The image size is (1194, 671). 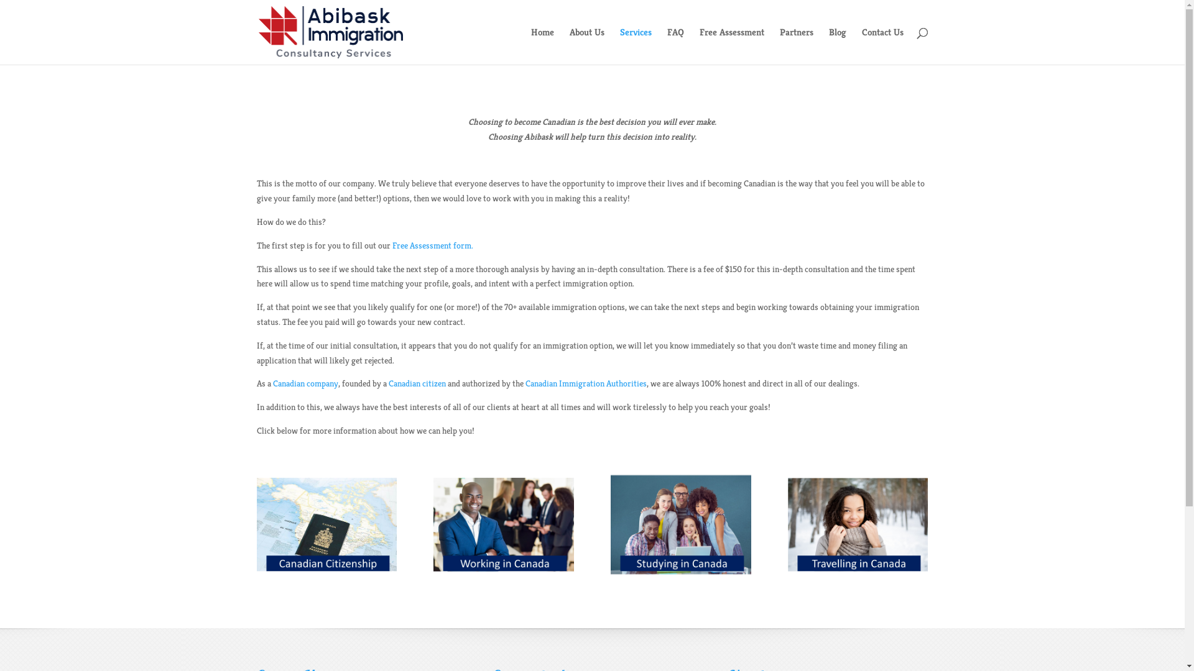 What do you see at coordinates (305, 383) in the screenshot?
I see `'Canadian company'` at bounding box center [305, 383].